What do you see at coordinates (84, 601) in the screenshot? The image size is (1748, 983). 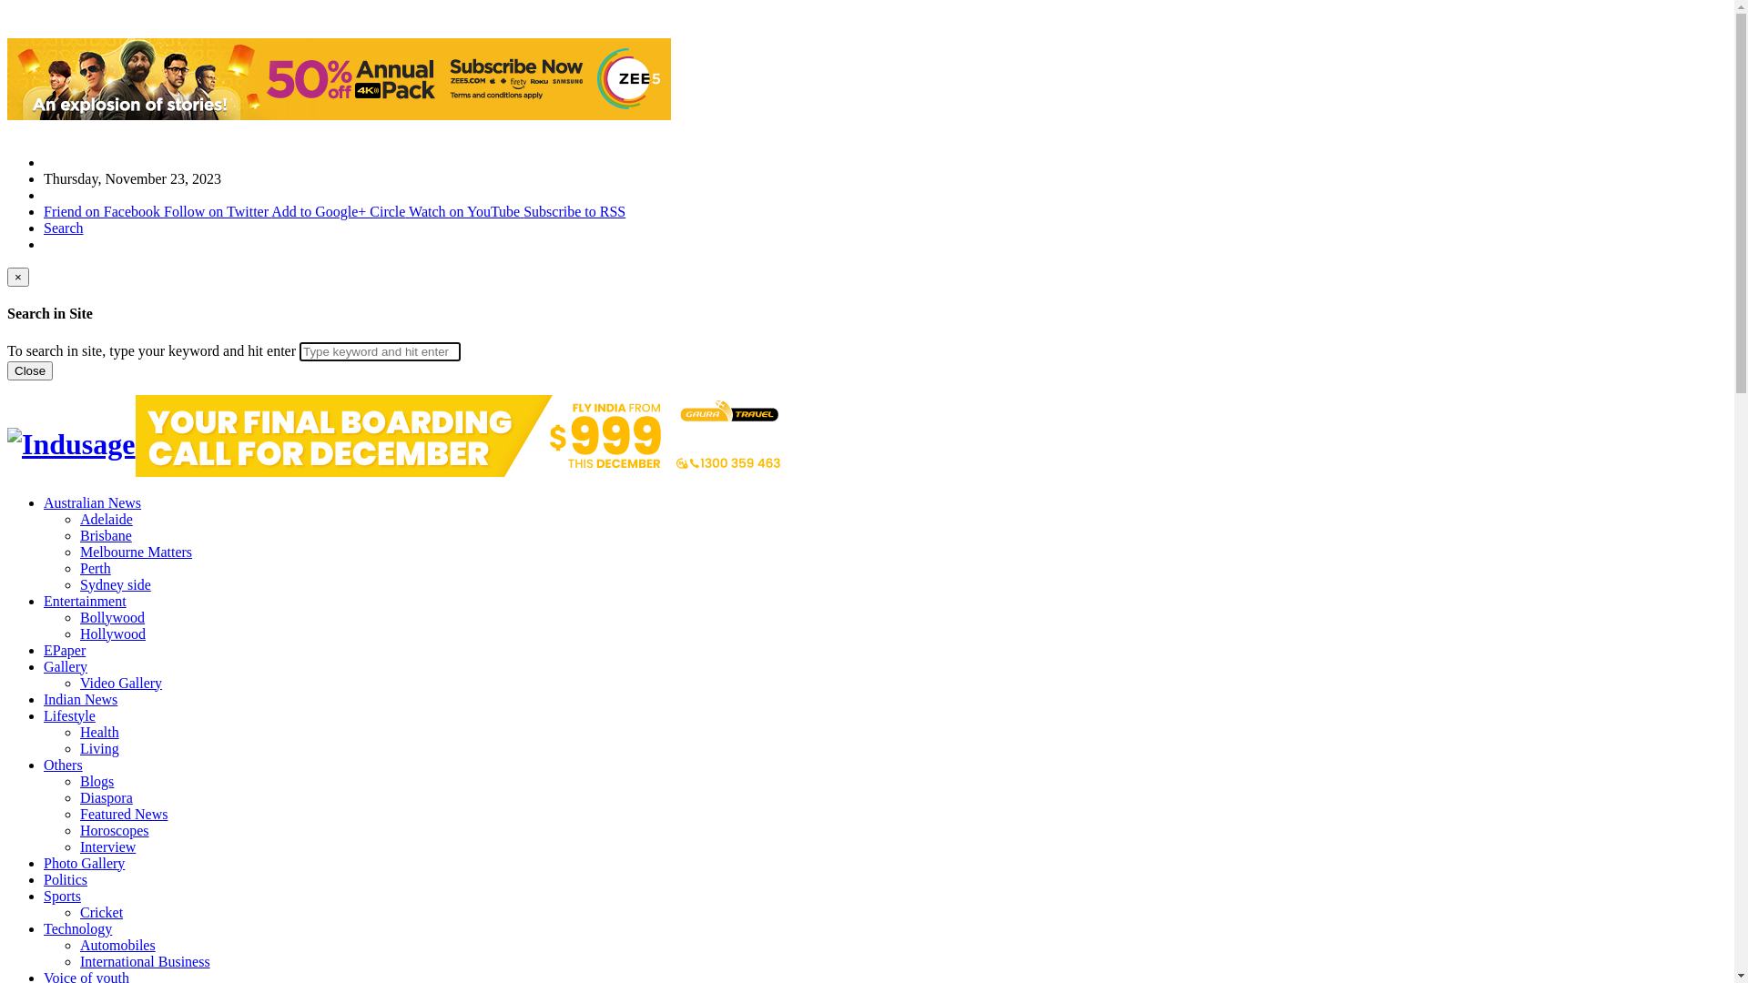 I see `'Entertainment'` at bounding box center [84, 601].